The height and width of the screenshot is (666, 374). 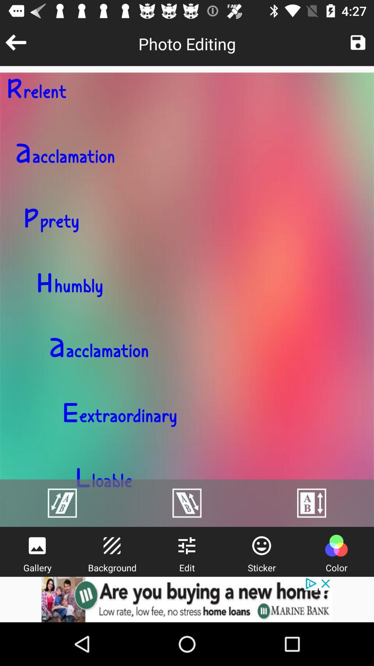 What do you see at coordinates (187, 503) in the screenshot?
I see `align words diagonally` at bounding box center [187, 503].